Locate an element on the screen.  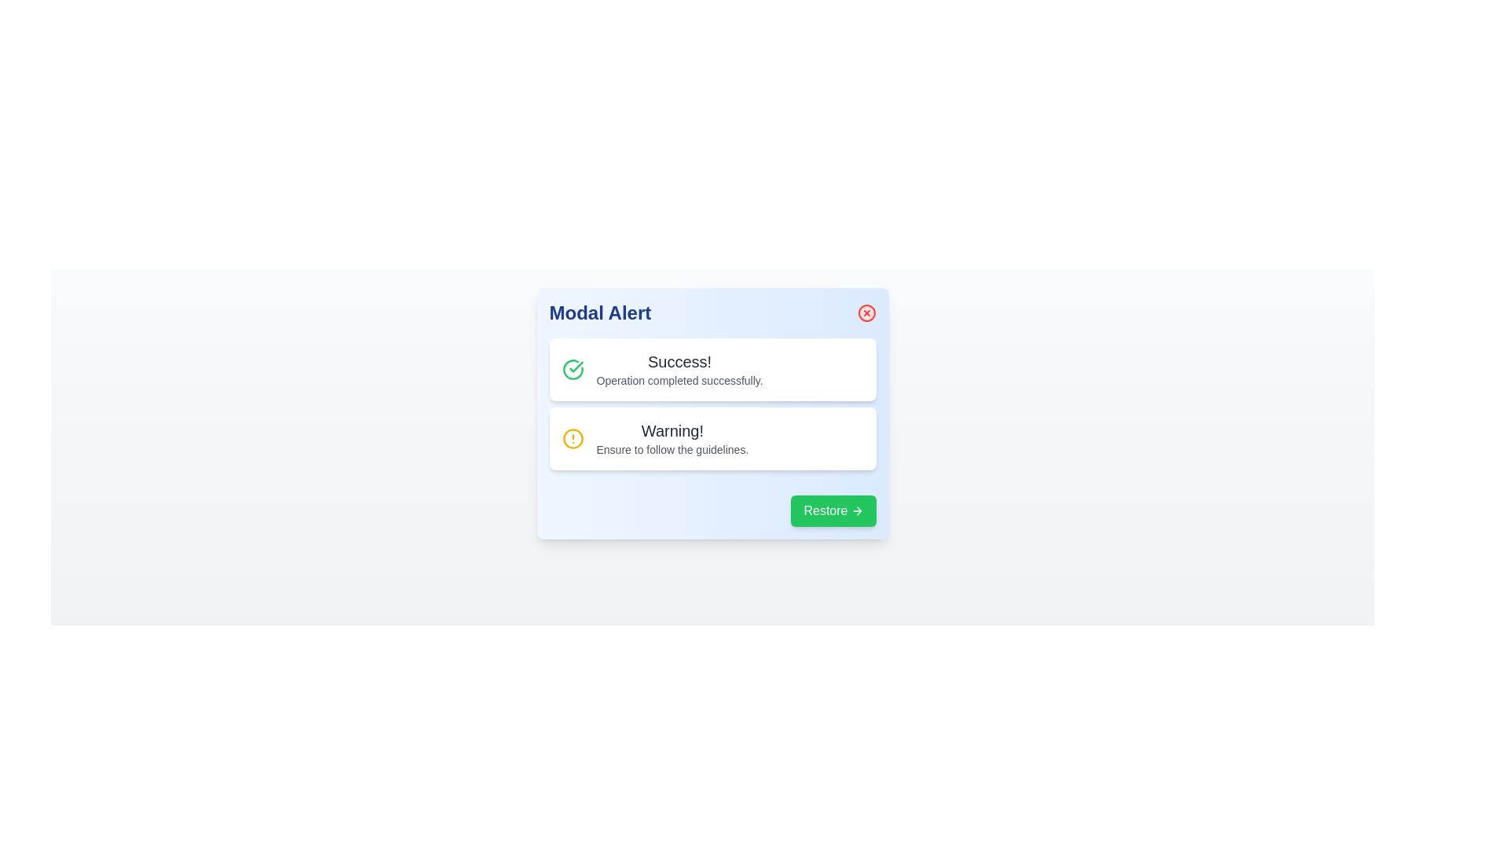
the bold, large-sized text label stating 'Success!' within the modal dialog, which indicates successful operation completion is located at coordinates (679, 362).